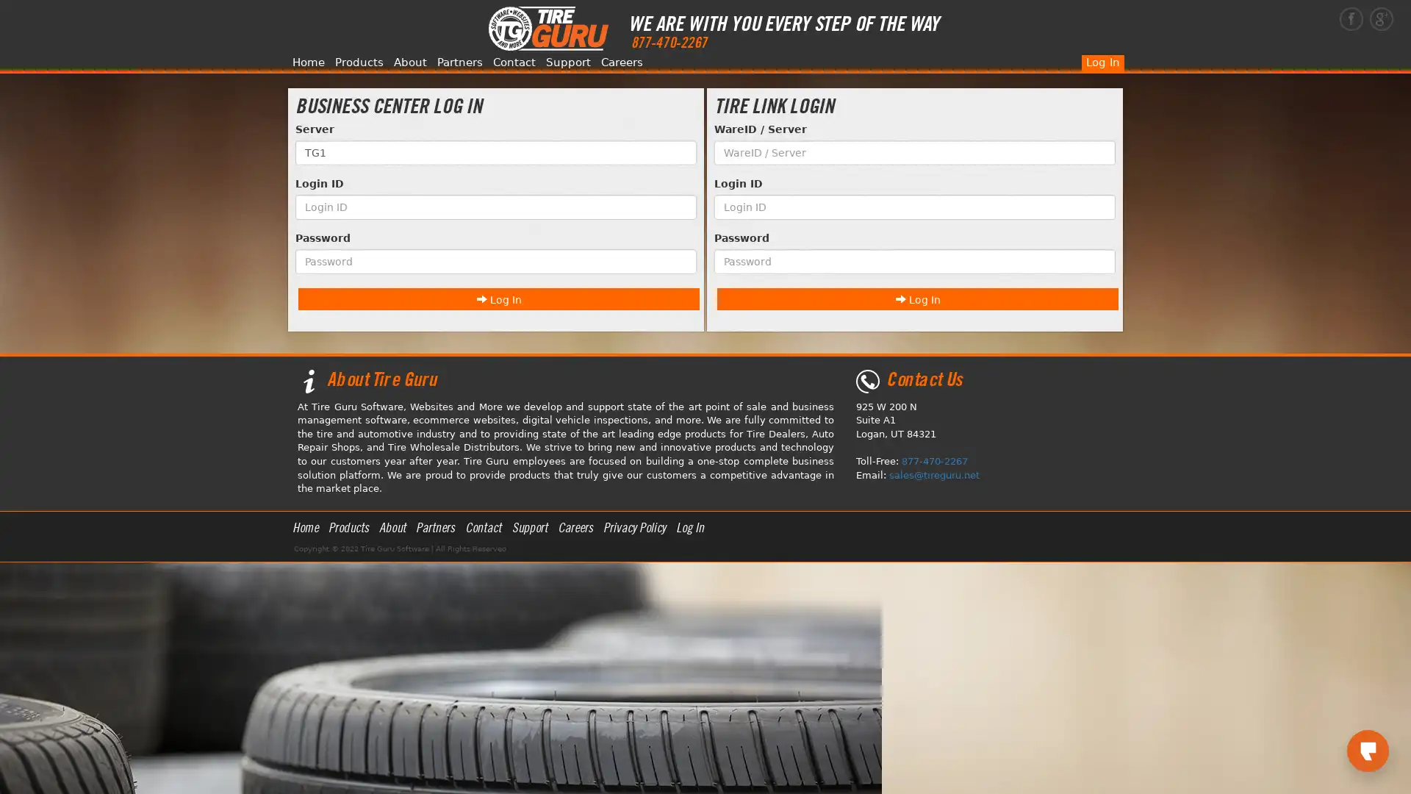 This screenshot has width=1411, height=794. Describe the element at coordinates (498, 298) in the screenshot. I see `Log In` at that location.